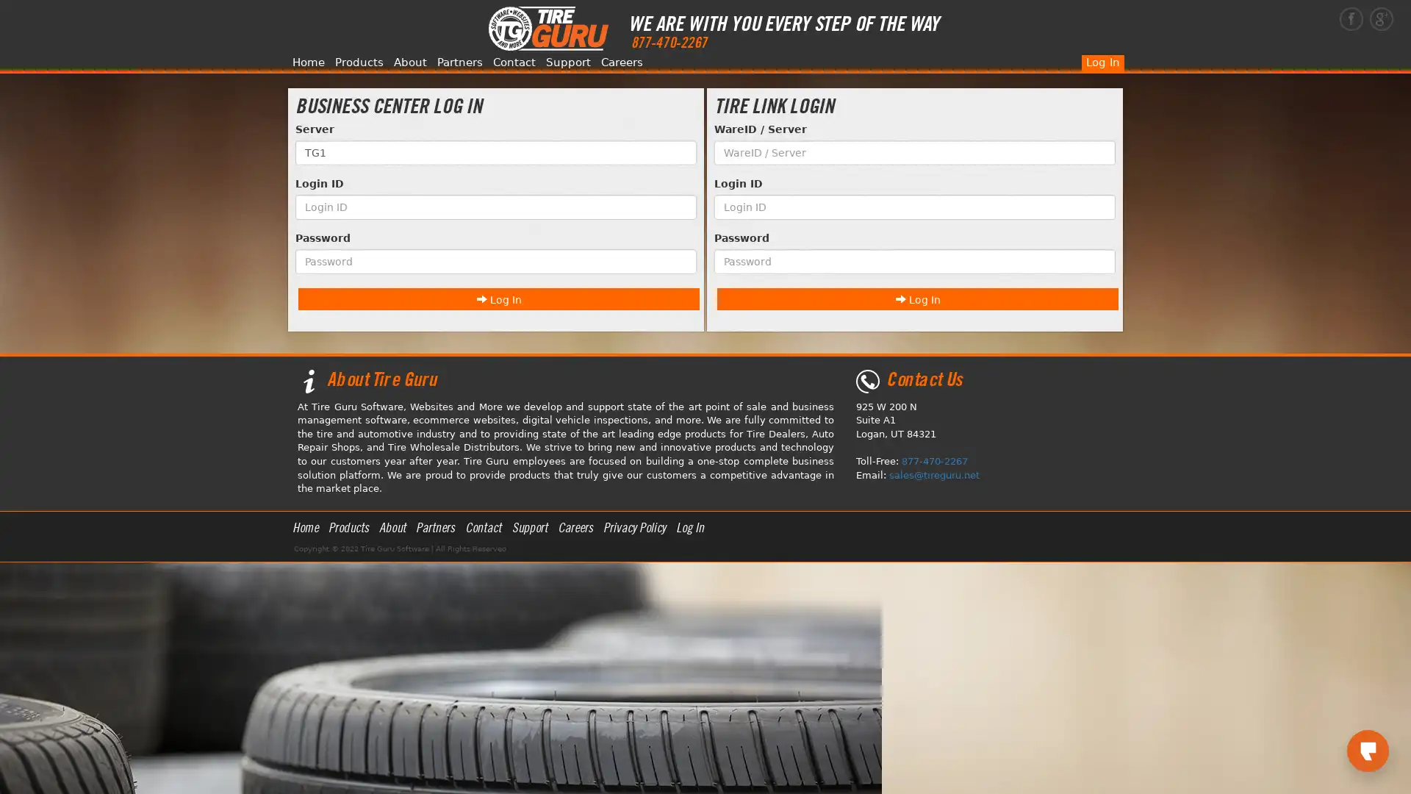 This screenshot has width=1411, height=794. Describe the element at coordinates (498, 298) in the screenshot. I see `Log In` at that location.